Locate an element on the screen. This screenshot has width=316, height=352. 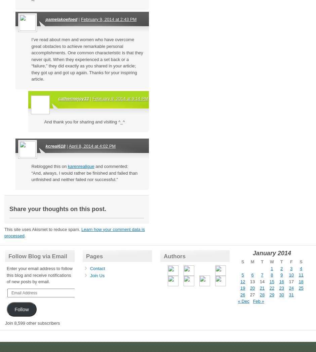
'karenrealigue' is located at coordinates (81, 166).